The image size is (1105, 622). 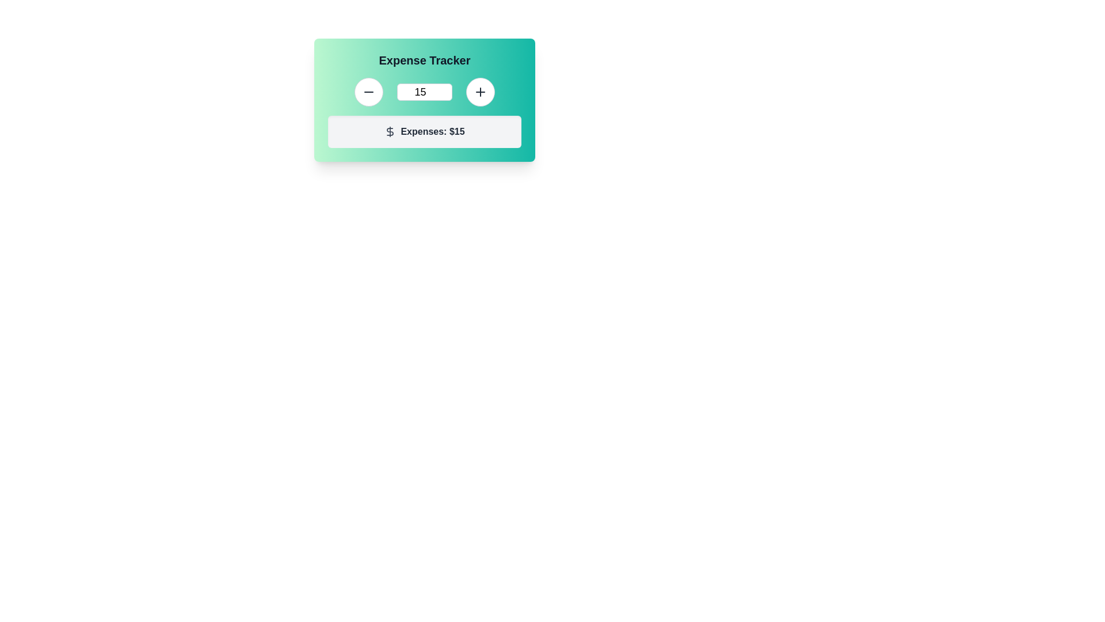 I want to click on the numeric text input field within the green gradient card titled 'Expense Tracker' by pressing the tab key, so click(x=424, y=91).